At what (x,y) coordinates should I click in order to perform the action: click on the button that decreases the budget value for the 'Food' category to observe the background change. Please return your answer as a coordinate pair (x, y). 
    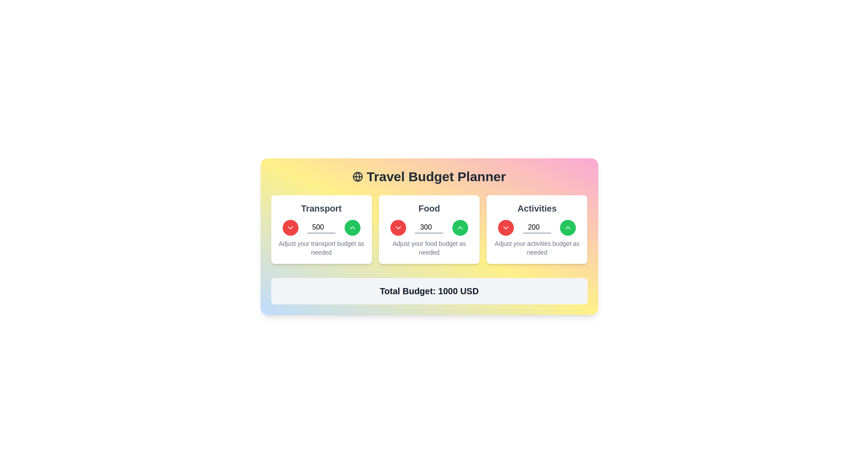
    Looking at the image, I should click on (398, 227).